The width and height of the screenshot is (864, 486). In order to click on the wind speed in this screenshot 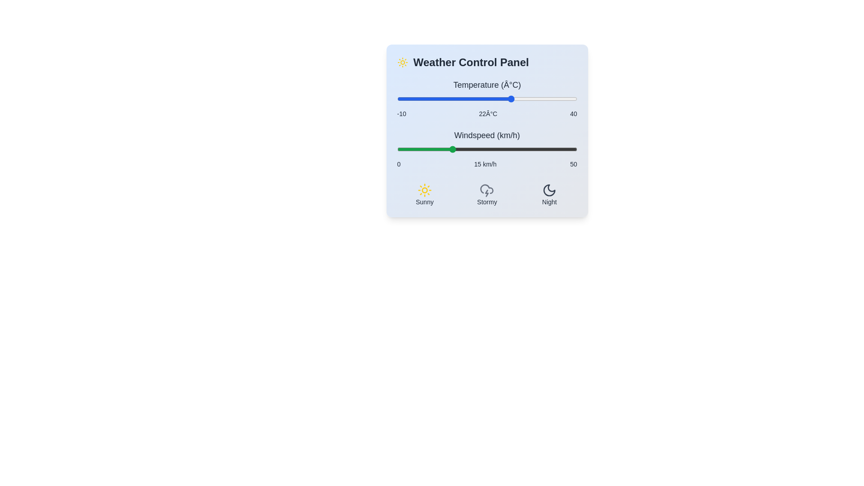, I will do `click(462, 148)`.